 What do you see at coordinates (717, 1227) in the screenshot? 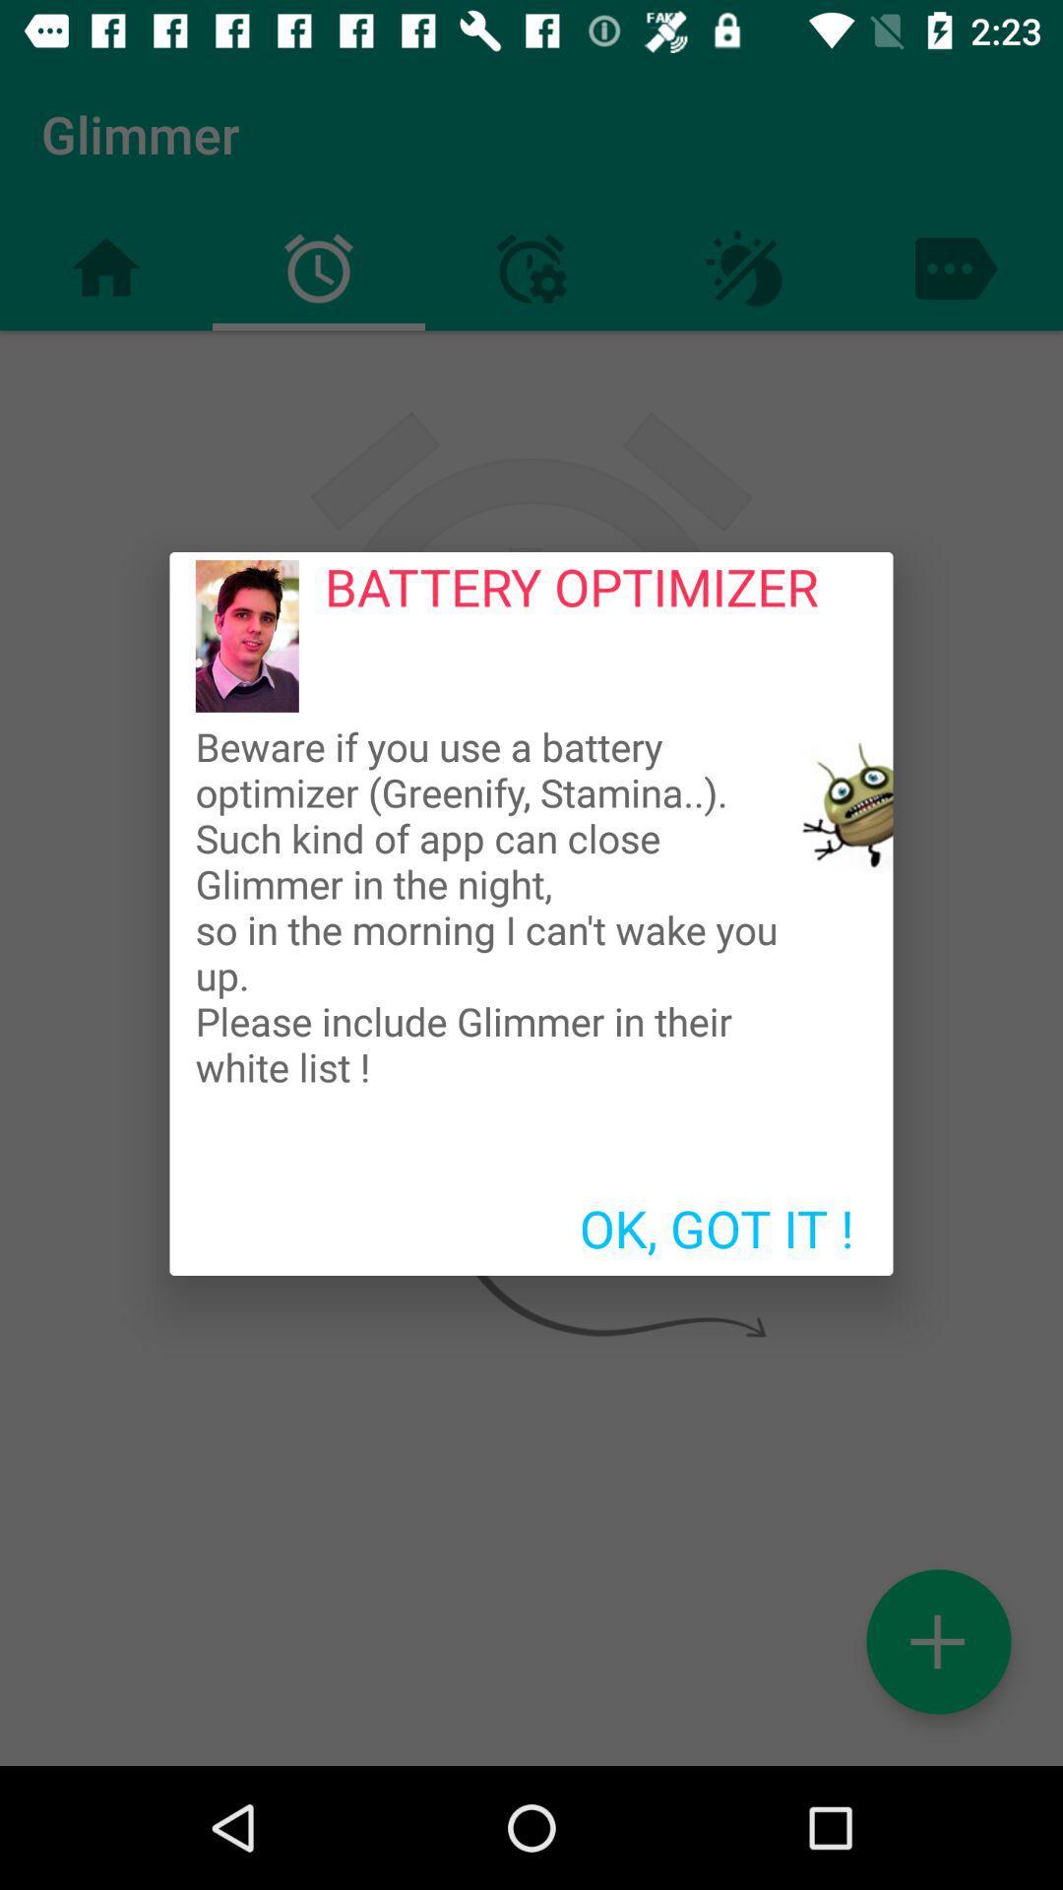
I see `ok, got it ! item` at bounding box center [717, 1227].